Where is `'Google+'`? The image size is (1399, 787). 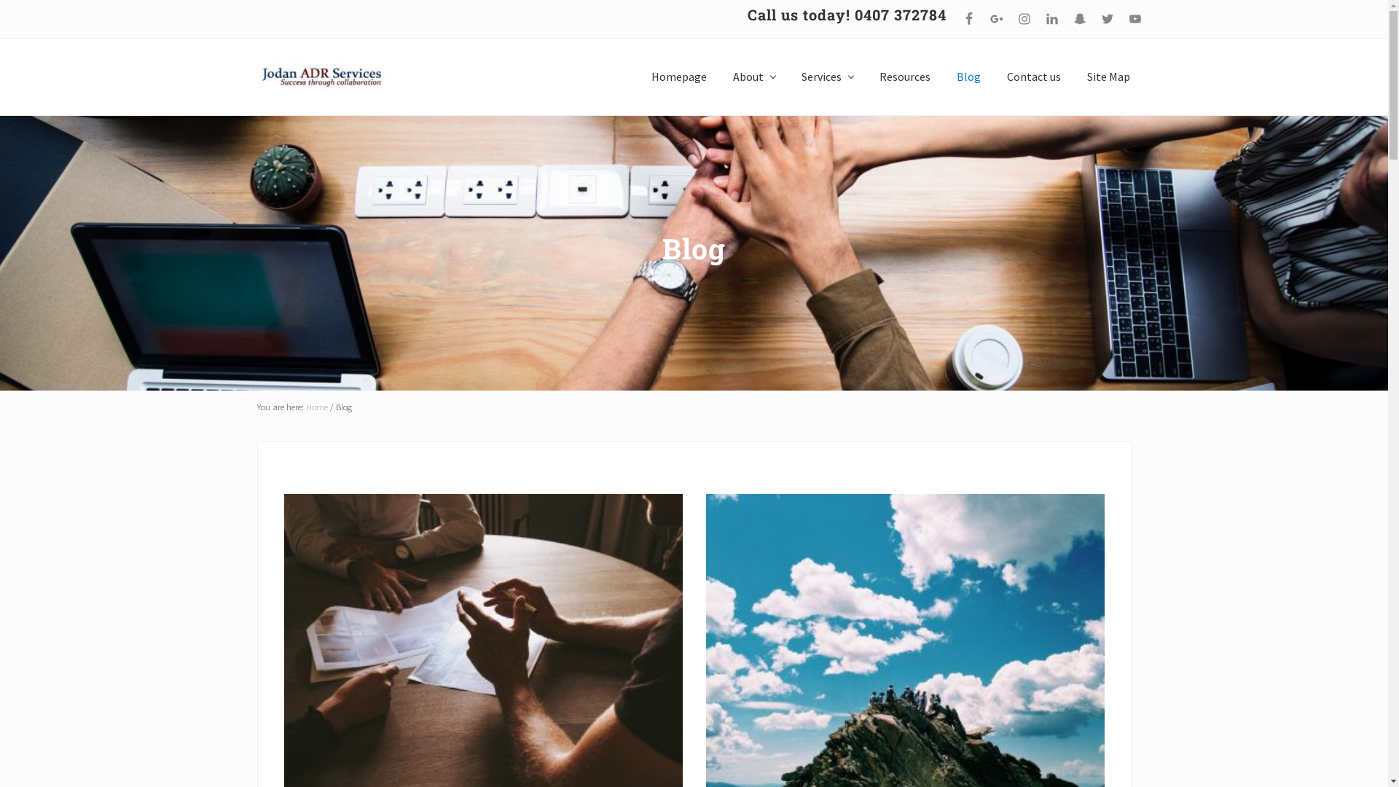 'Google+' is located at coordinates (995, 19).